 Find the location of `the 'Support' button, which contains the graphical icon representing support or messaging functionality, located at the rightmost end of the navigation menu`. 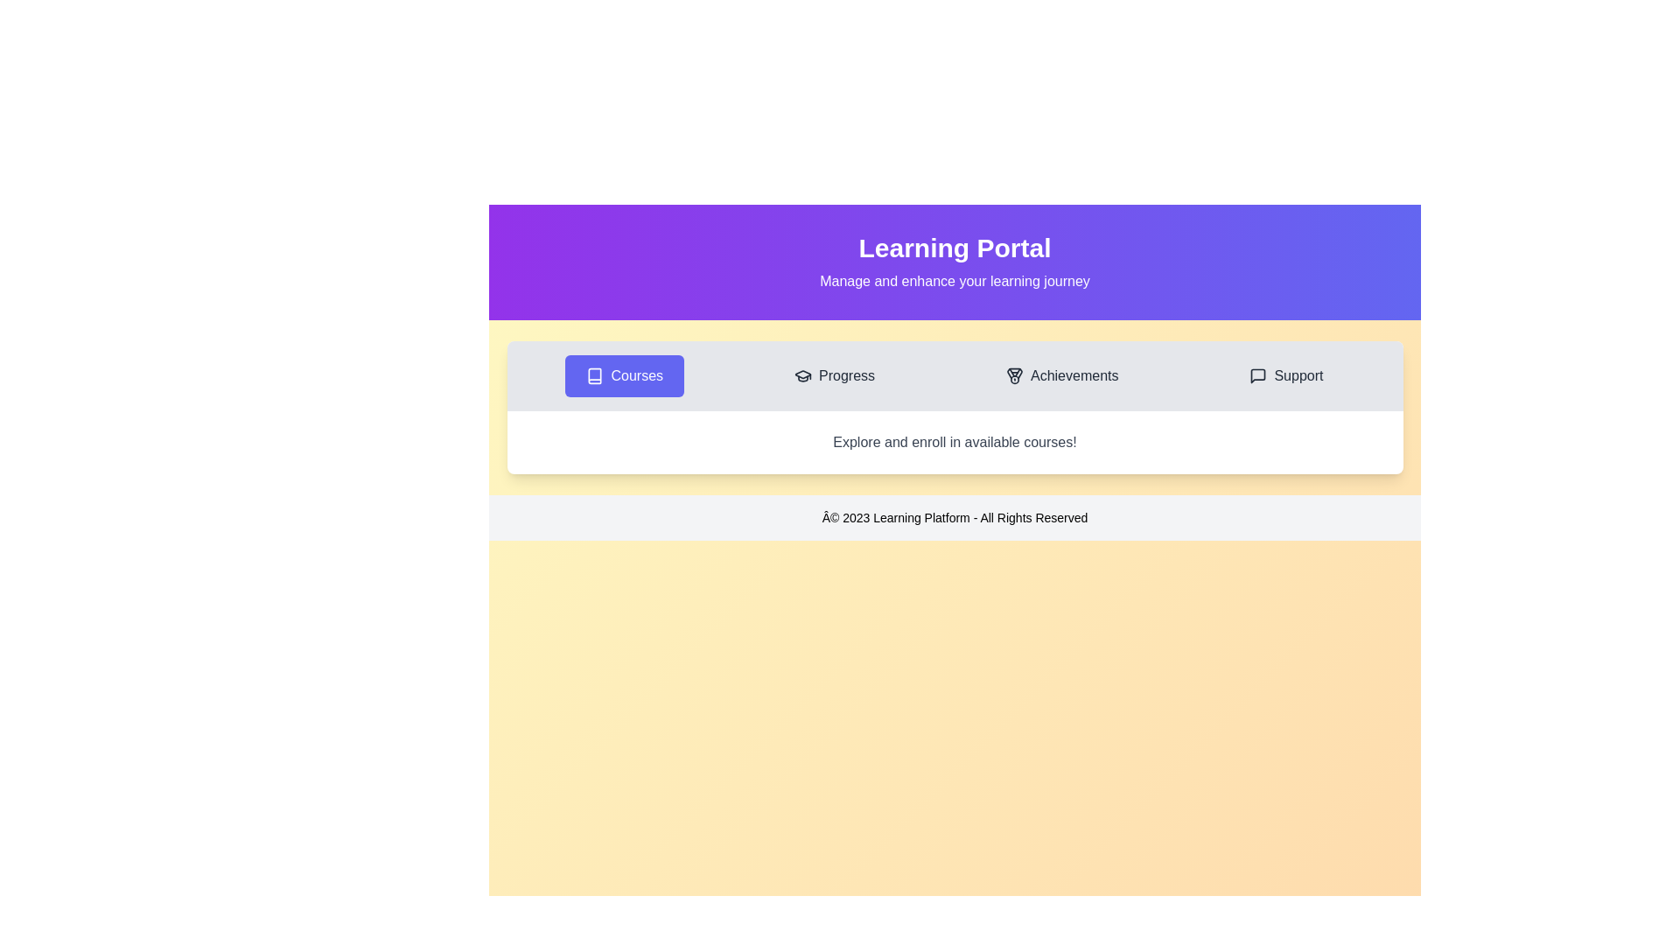

the 'Support' button, which contains the graphical icon representing support or messaging functionality, located at the rightmost end of the navigation menu is located at coordinates (1257, 374).